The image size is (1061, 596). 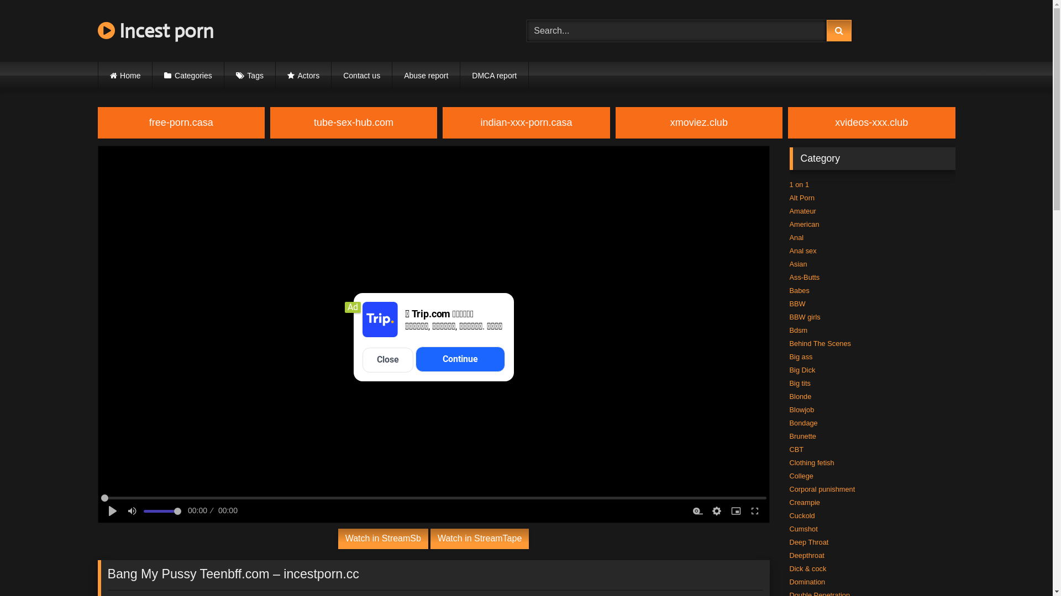 I want to click on 'Blonde', so click(x=800, y=396).